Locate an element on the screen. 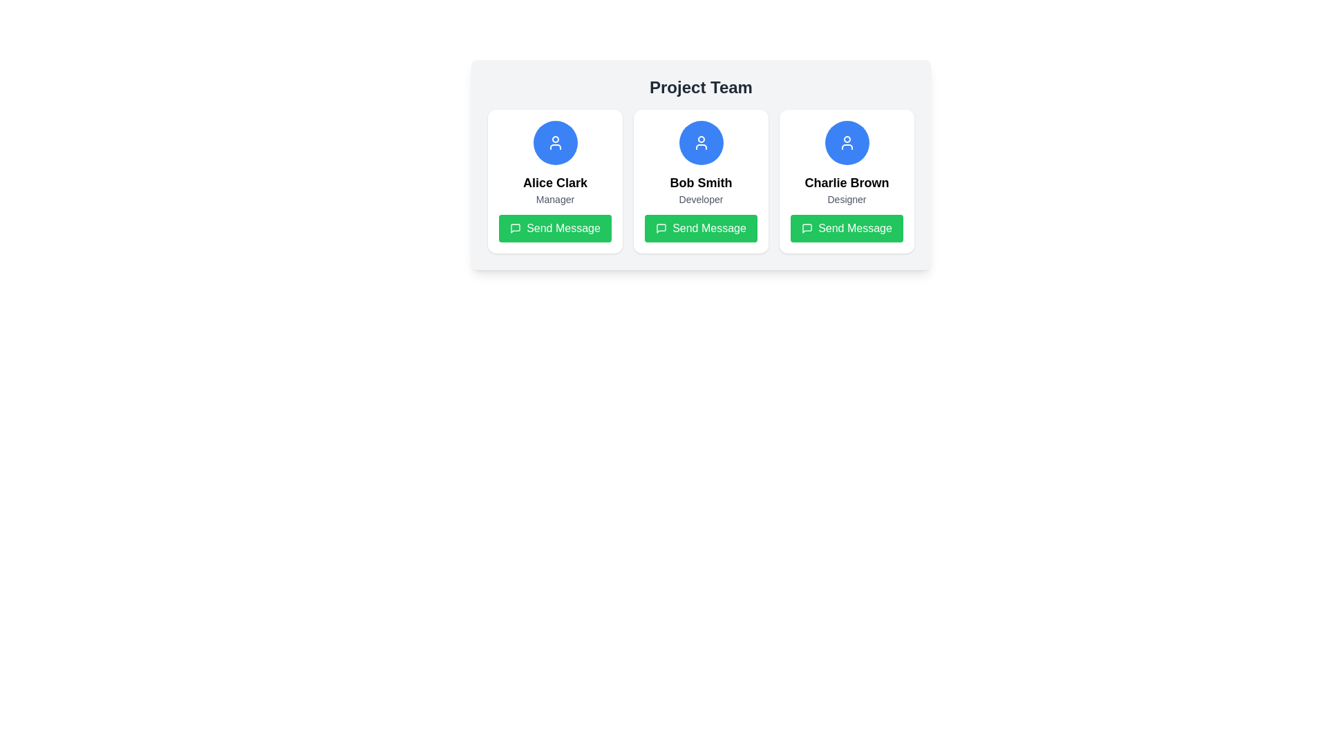 The image size is (1327, 746). the 'Send Message' button located below the name 'Alice Clark', who is labeled as 'Manager', in the first profile card on the left is located at coordinates (555, 228).